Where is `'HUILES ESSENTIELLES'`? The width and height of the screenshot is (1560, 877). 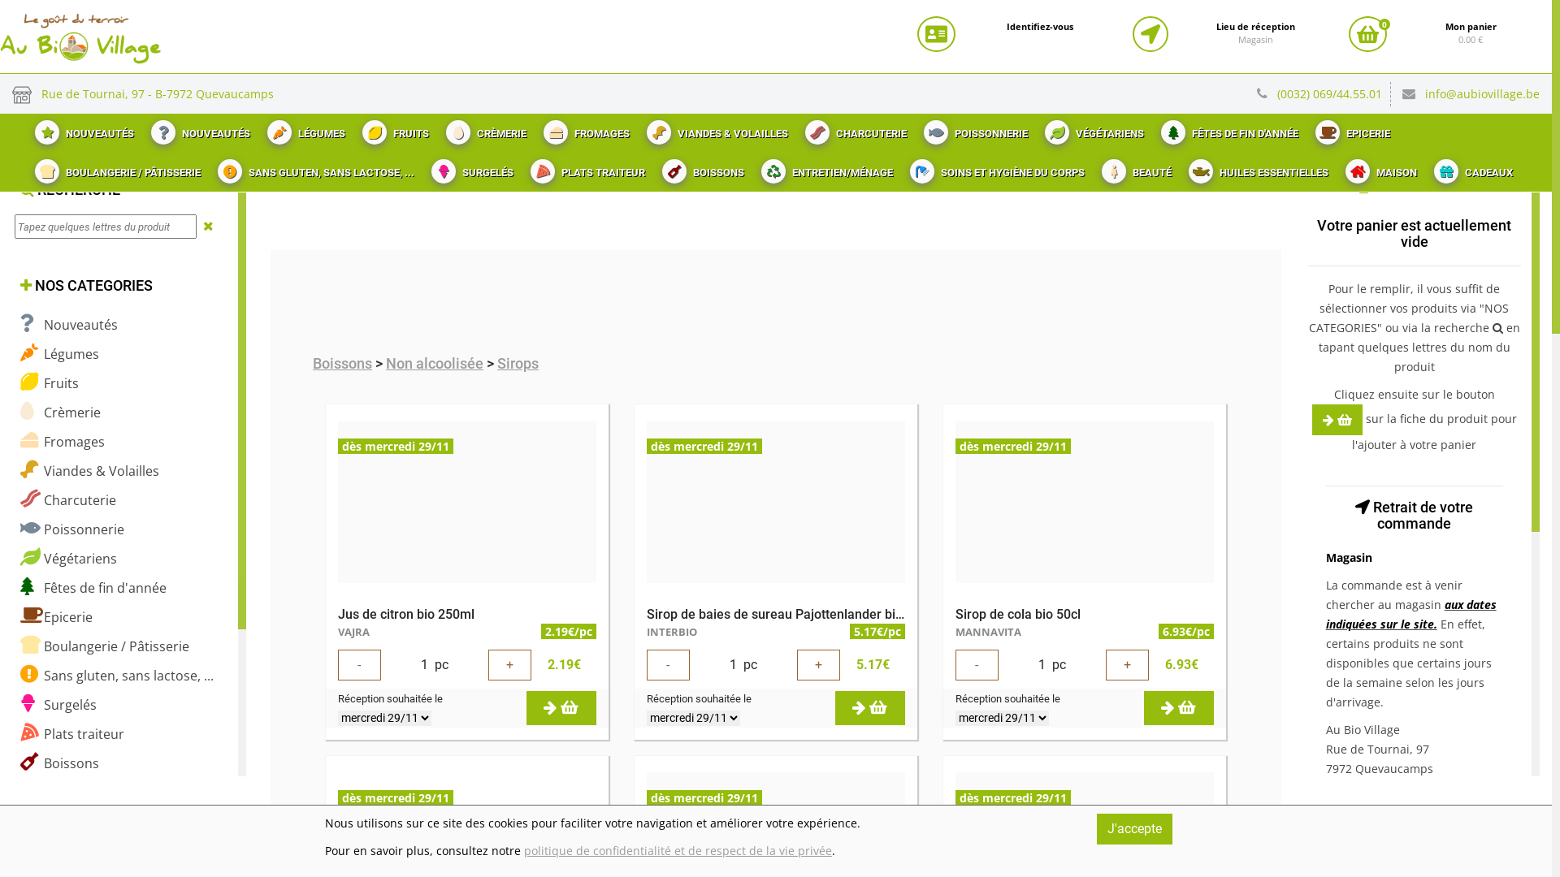 'HUILES ESSENTIELLES' is located at coordinates (1255, 168).